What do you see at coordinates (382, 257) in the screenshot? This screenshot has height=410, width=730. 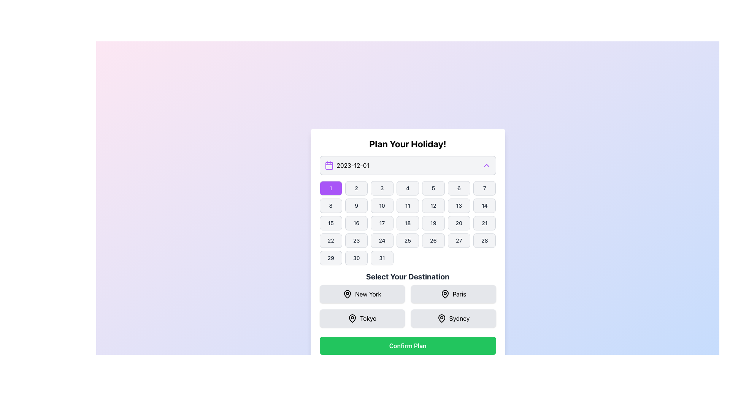 I see `the button labeled '31' which is a rectangular button with a rounded border, light gray background, and black font, located in the bottom row of a grid layout` at bounding box center [382, 257].